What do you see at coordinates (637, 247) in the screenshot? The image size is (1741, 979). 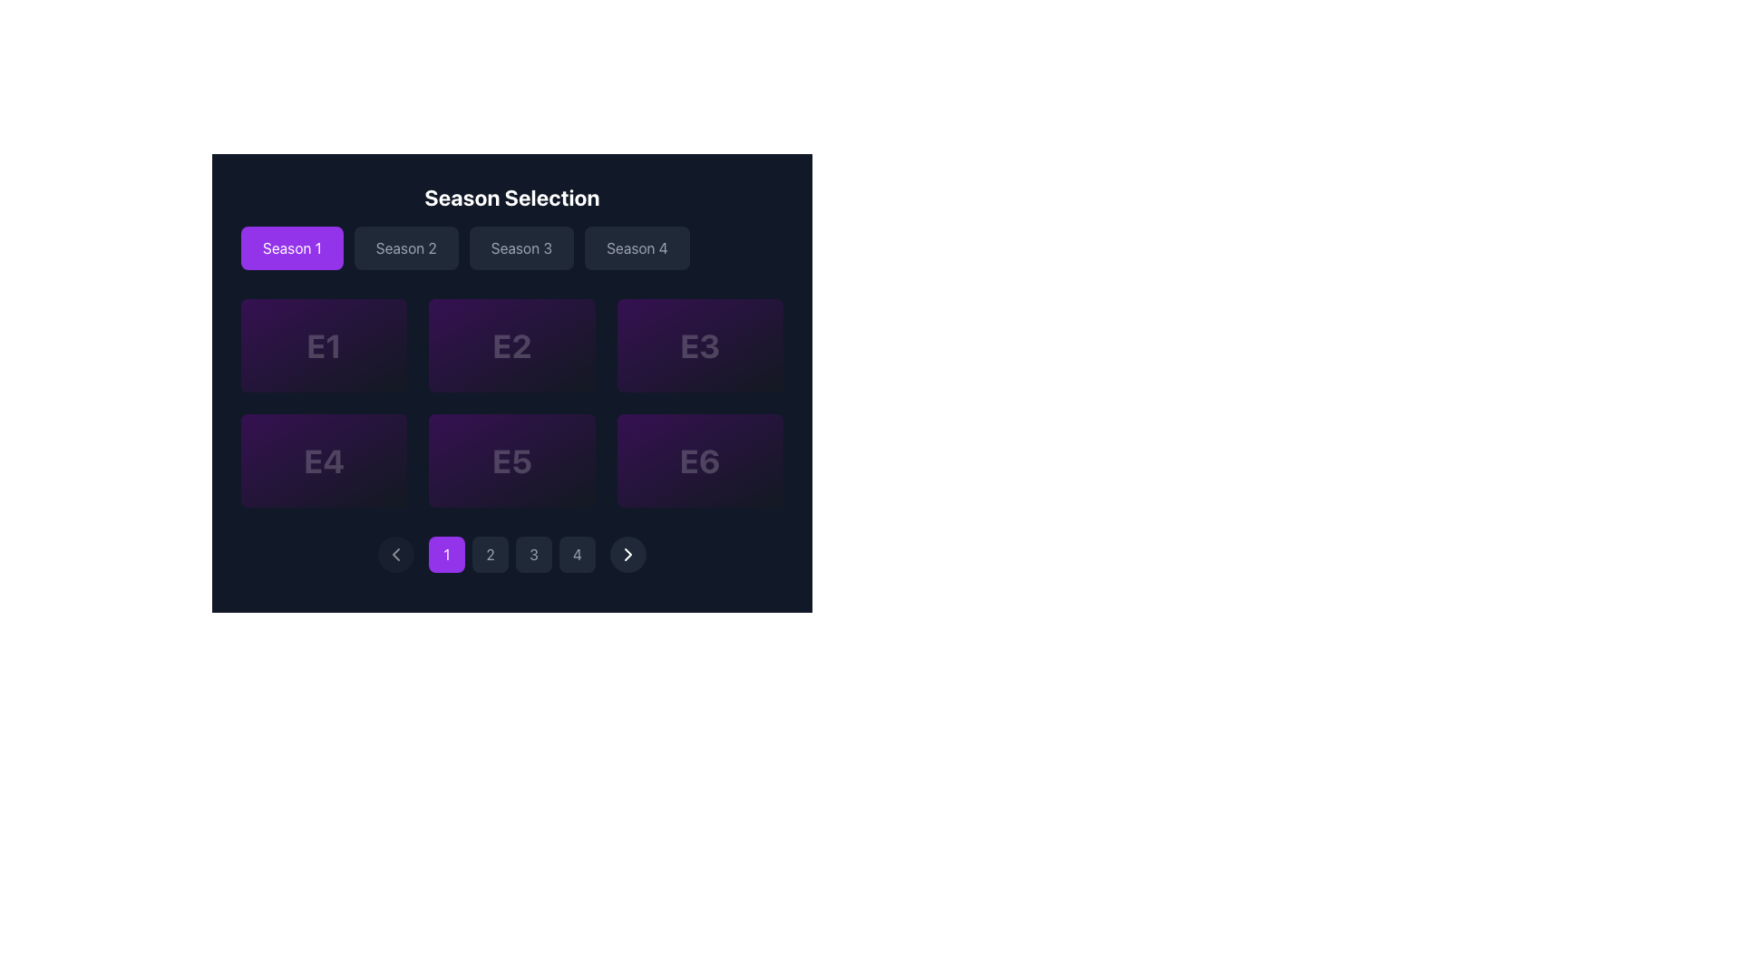 I see `the 'Season 4' button located under the 'Season Selection' title` at bounding box center [637, 247].